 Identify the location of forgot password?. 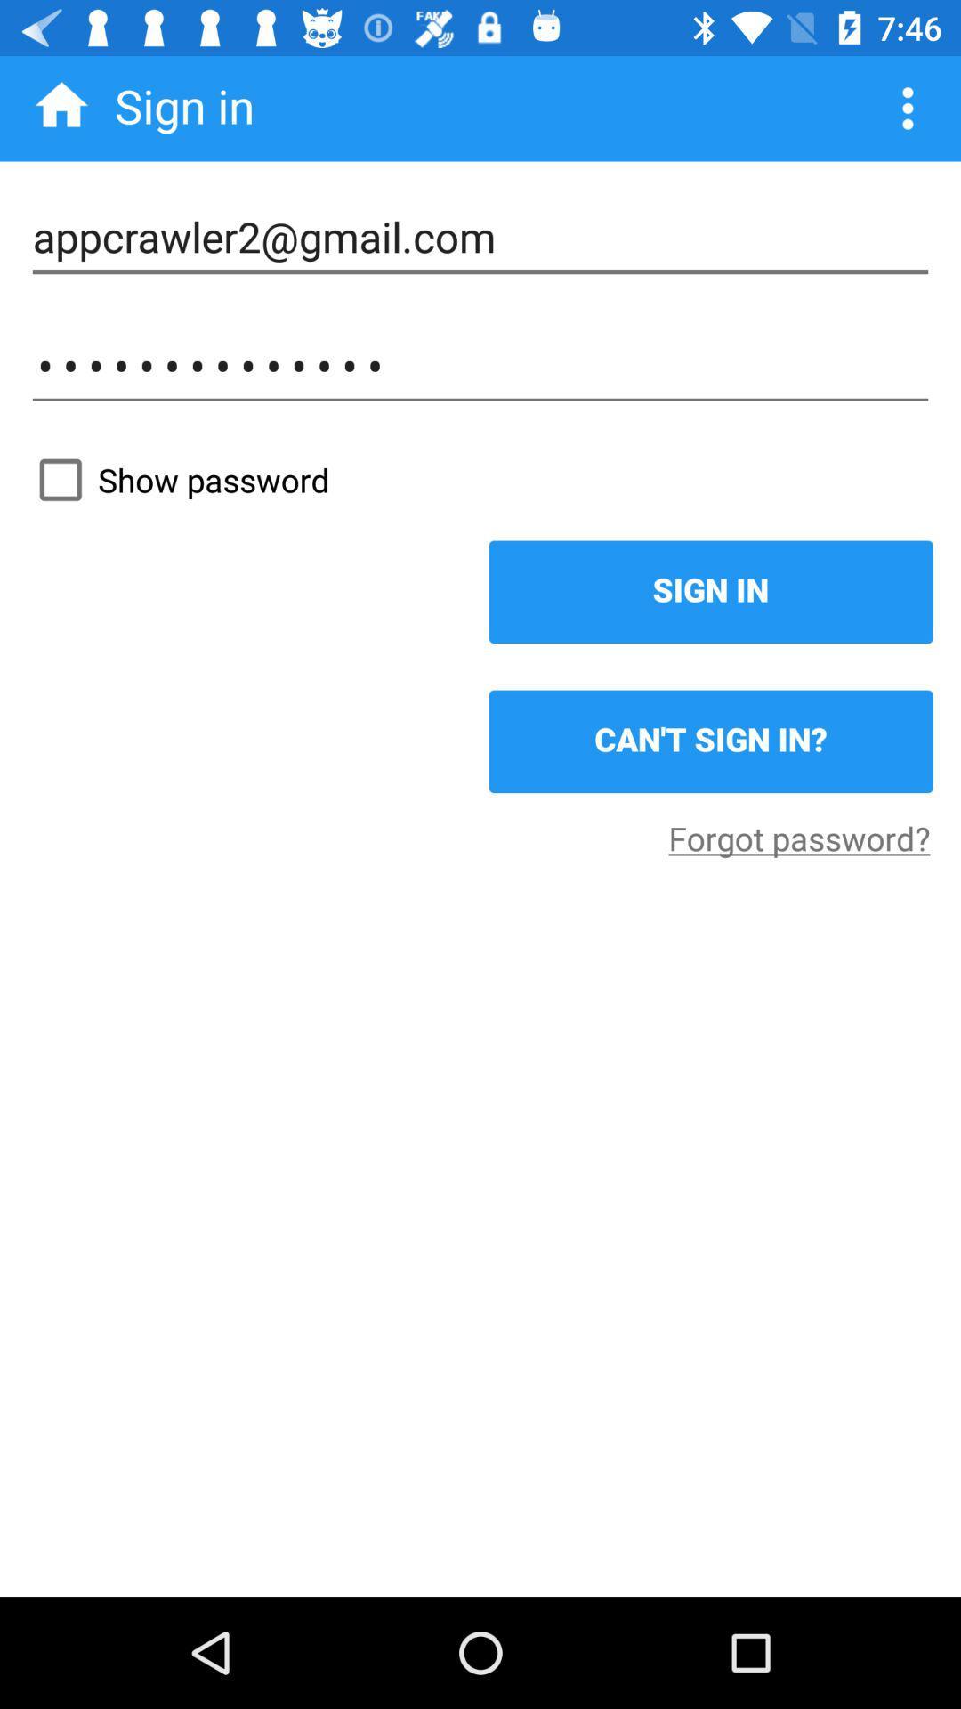
(798, 837).